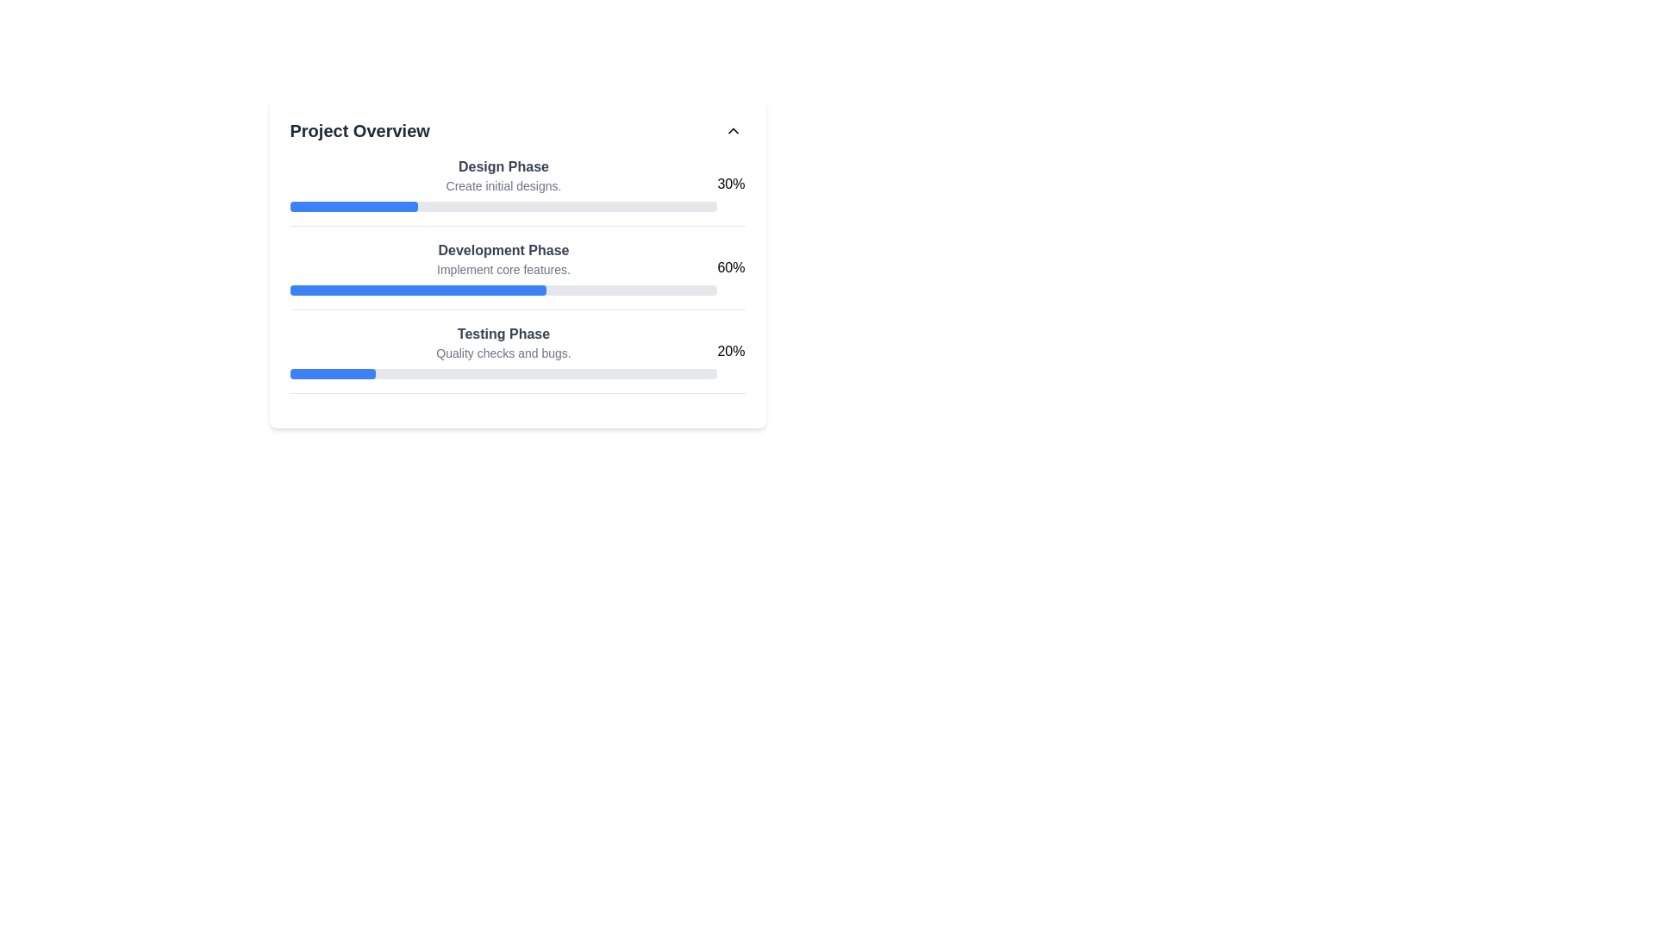  Describe the element at coordinates (516, 351) in the screenshot. I see `the Progress bar representing the completion of the Testing Phase in the project timeline to potentially see tooltip details` at that location.